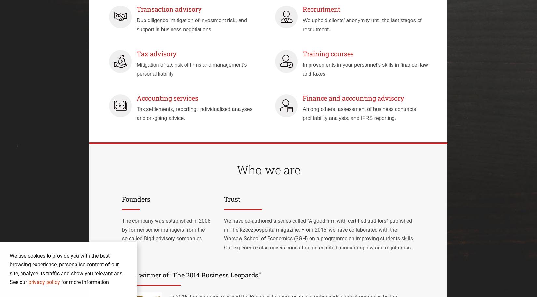  Describe the element at coordinates (191, 24) in the screenshot. I see `'Due diligence, mitigation of investment risk, and support in business negotiations.'` at that location.